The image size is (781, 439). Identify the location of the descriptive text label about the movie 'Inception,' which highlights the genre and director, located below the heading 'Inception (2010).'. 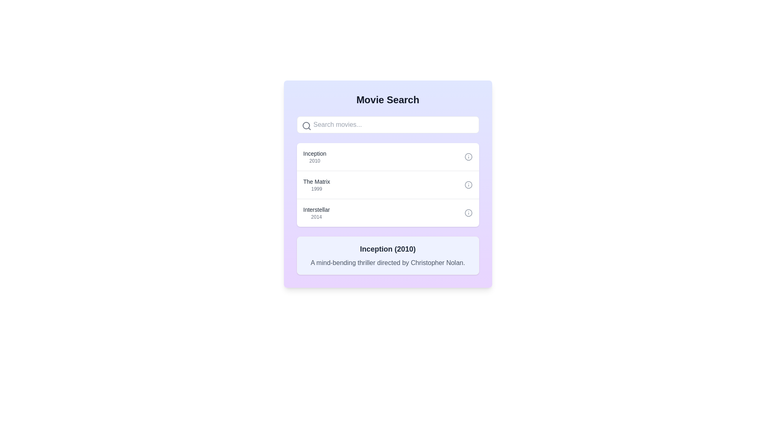
(387, 263).